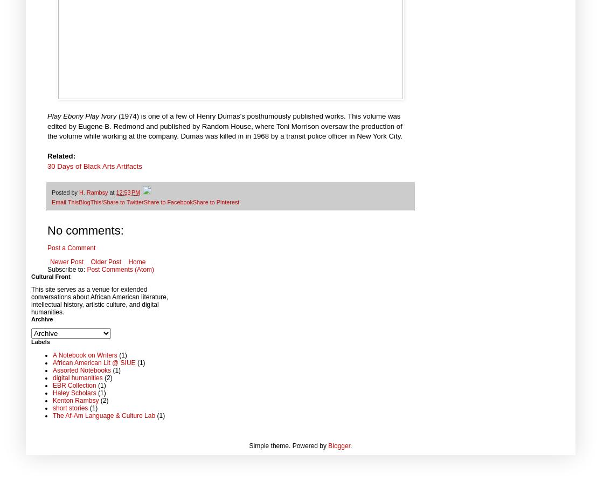 This screenshot has height=481, width=597. What do you see at coordinates (65, 191) in the screenshot?
I see `'Posted by'` at bounding box center [65, 191].